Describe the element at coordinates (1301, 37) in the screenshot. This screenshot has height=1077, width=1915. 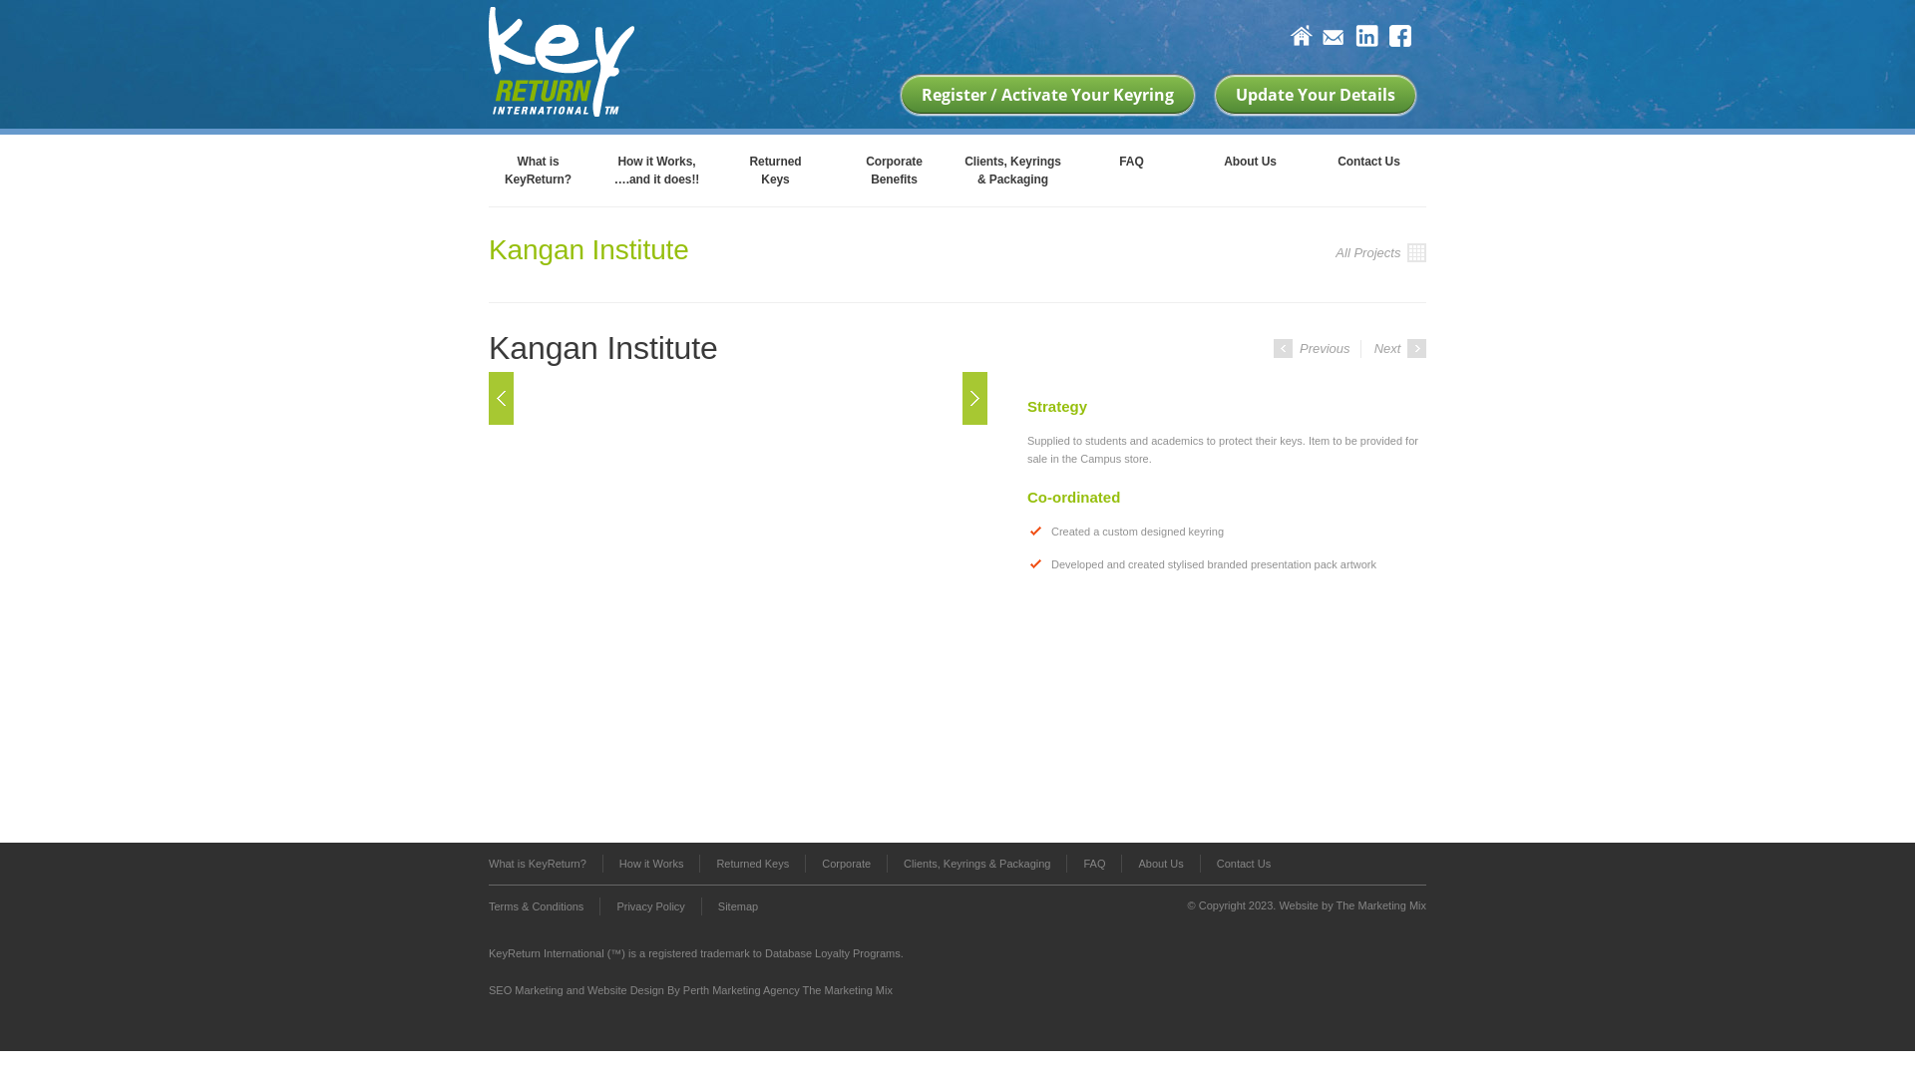
I see `'Home'` at that location.